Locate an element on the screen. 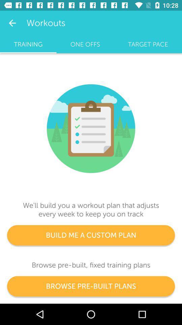  the icon above the training is located at coordinates (12, 23).